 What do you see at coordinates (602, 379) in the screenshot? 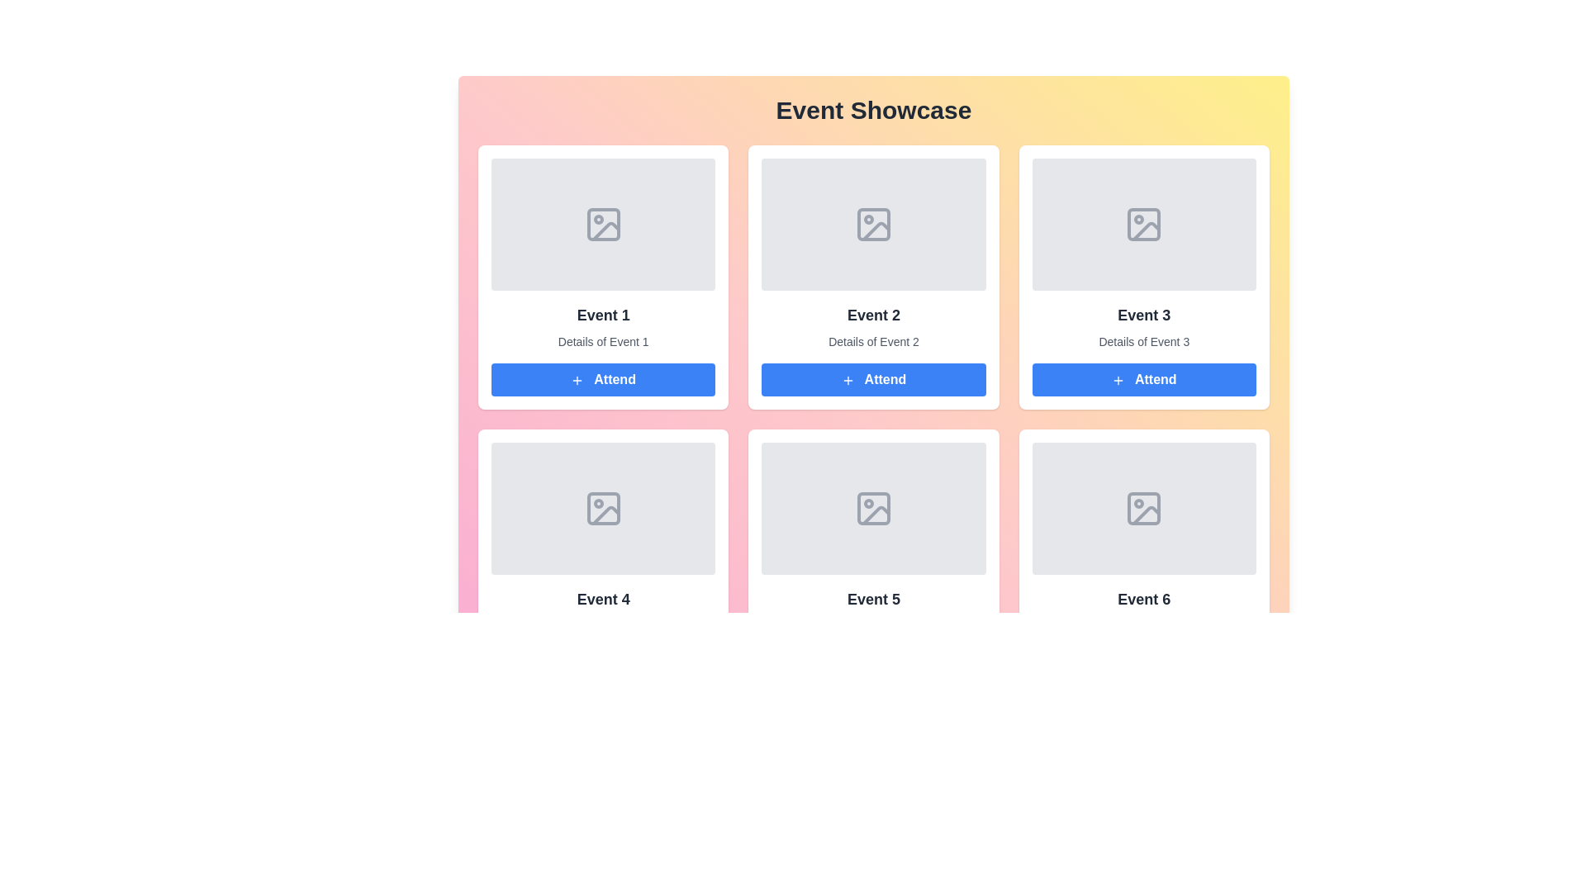
I see `the 'Attend' button with a rounded blue background located beneath the 'Details of Event 1' text in the 'Event 1' card` at bounding box center [602, 379].